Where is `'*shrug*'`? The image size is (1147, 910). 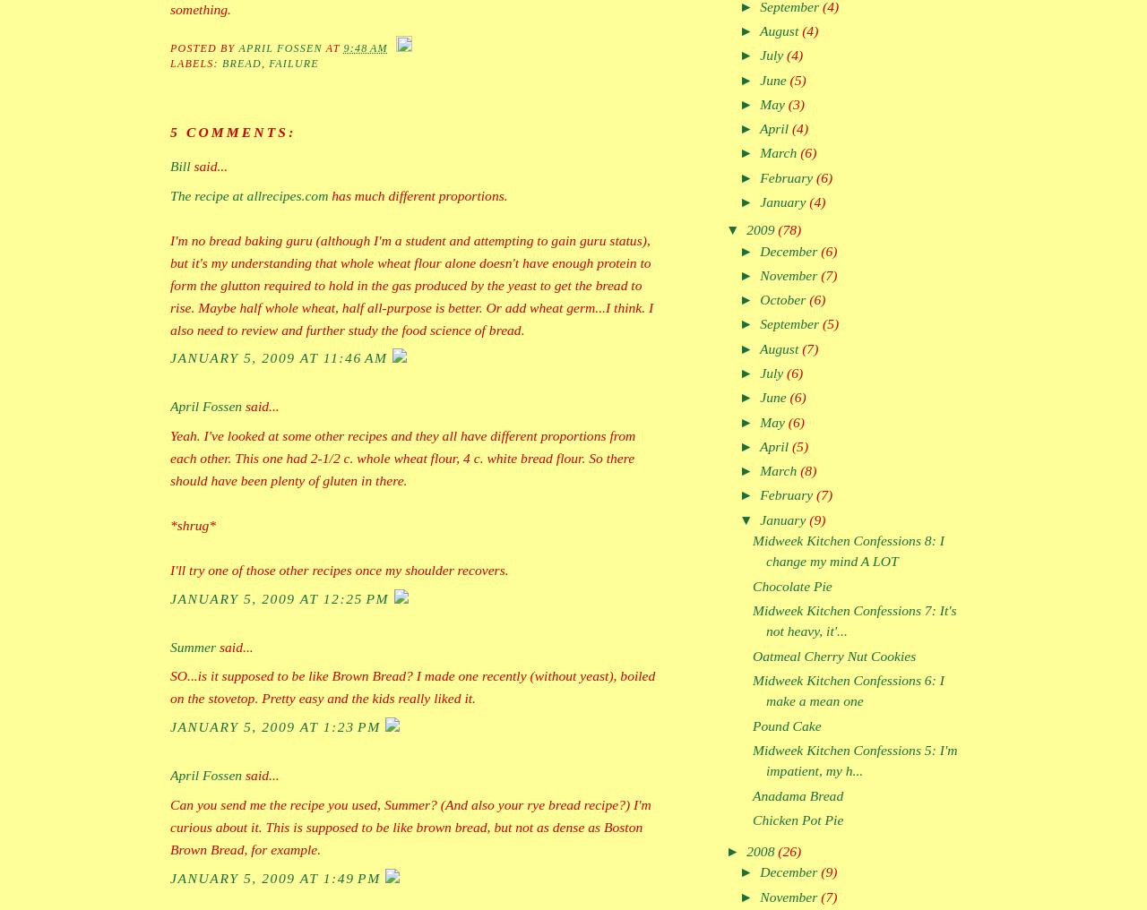 '*shrug*' is located at coordinates (193, 525).